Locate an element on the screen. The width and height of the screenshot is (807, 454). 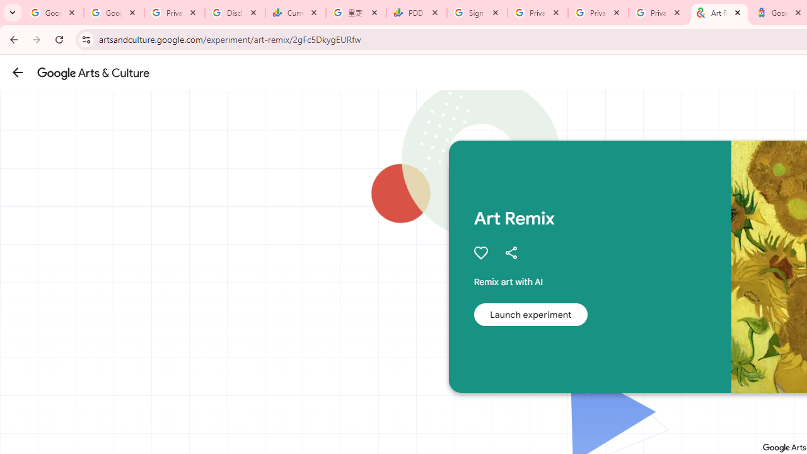
'Launch experiment' is located at coordinates (530, 313).